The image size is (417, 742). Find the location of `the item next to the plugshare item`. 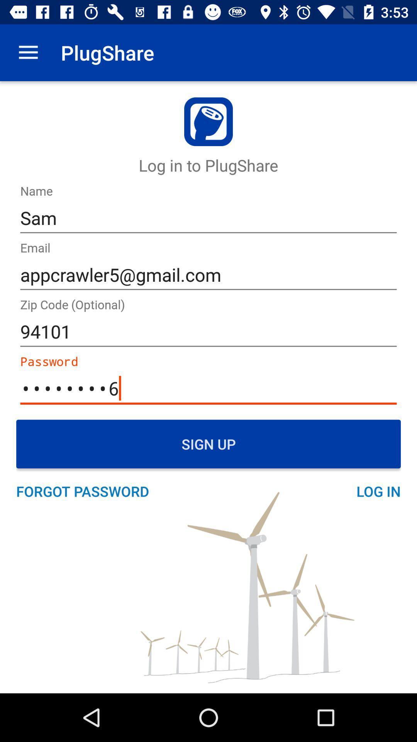

the item next to the plugshare item is located at coordinates (28, 52).